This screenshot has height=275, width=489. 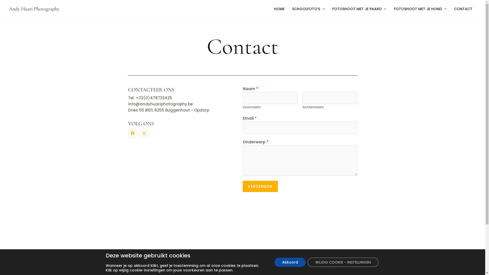 What do you see at coordinates (144, 133) in the screenshot?
I see `'Instagram'` at bounding box center [144, 133].